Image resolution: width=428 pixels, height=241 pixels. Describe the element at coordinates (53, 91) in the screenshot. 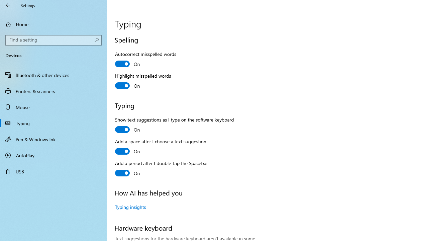

I see `'Printers & scanners'` at that location.